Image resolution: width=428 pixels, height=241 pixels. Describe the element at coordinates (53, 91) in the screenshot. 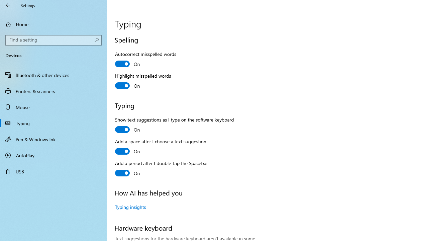

I see `'Printers & scanners'` at that location.